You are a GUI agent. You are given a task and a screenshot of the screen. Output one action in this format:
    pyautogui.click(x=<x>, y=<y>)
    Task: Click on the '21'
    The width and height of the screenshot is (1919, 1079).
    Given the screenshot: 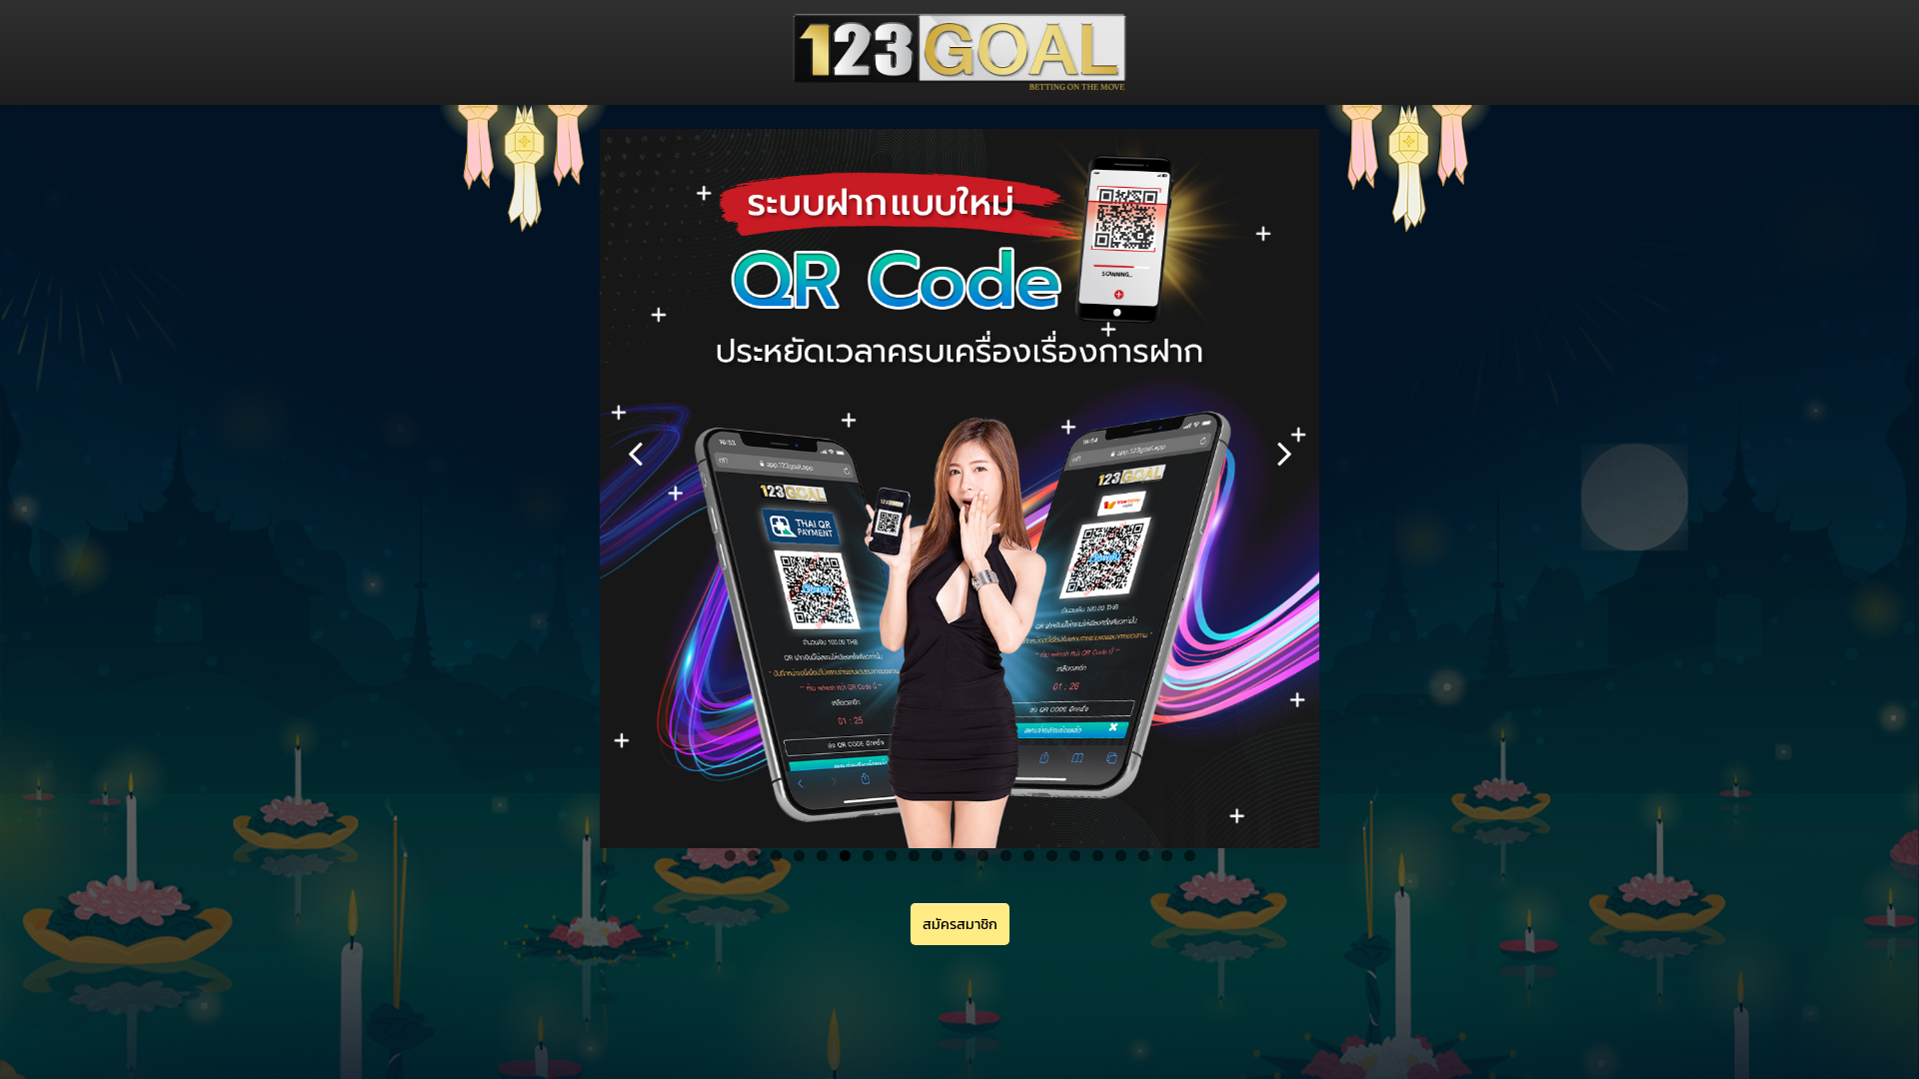 What is the action you would take?
    pyautogui.click(x=1188, y=854)
    